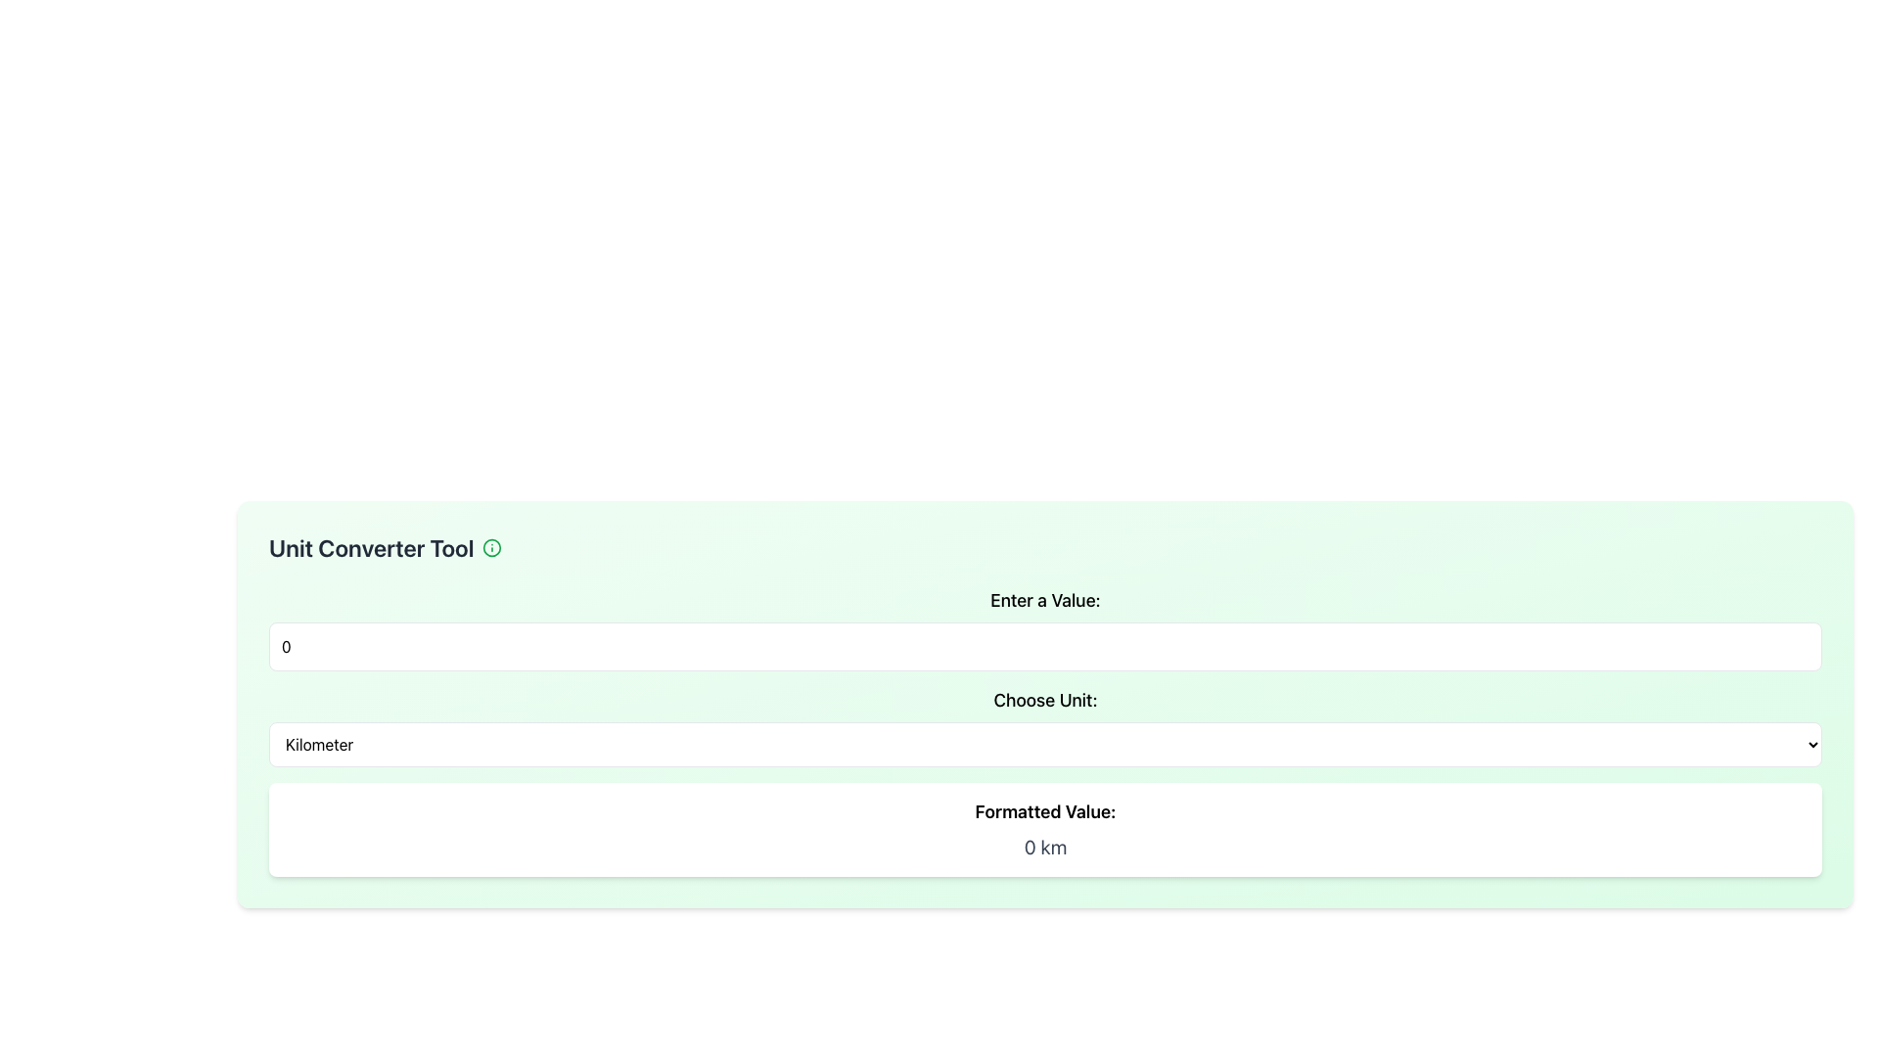 This screenshot has height=1057, width=1879. What do you see at coordinates (491, 547) in the screenshot?
I see `the information icon located to the right of the 'Unit Converter Tool' text in the header section` at bounding box center [491, 547].